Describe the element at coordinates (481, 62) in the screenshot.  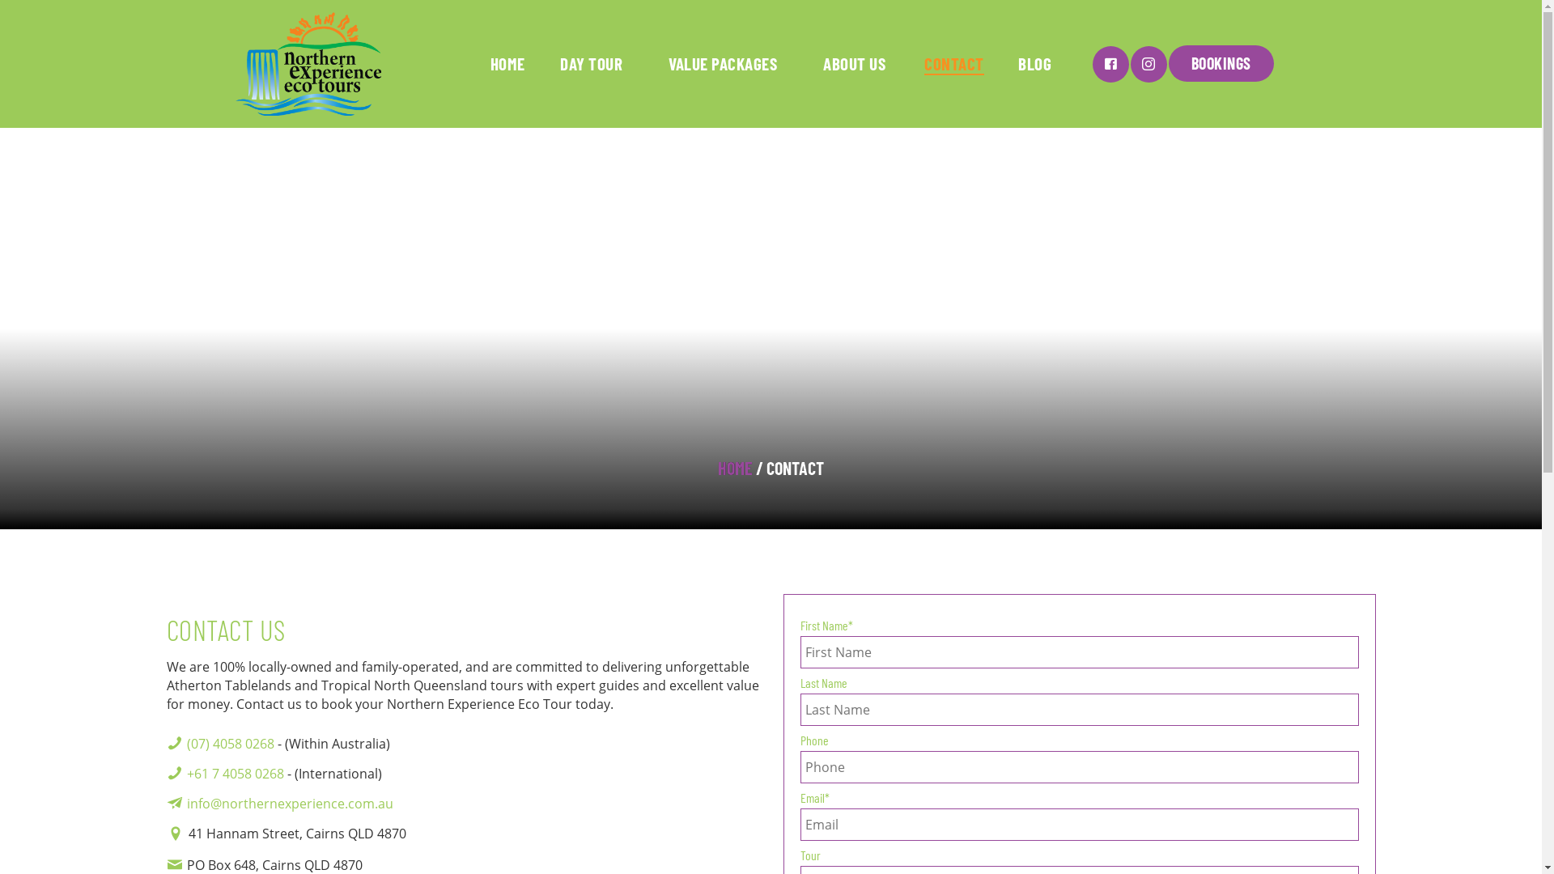
I see `'HOME'` at that location.